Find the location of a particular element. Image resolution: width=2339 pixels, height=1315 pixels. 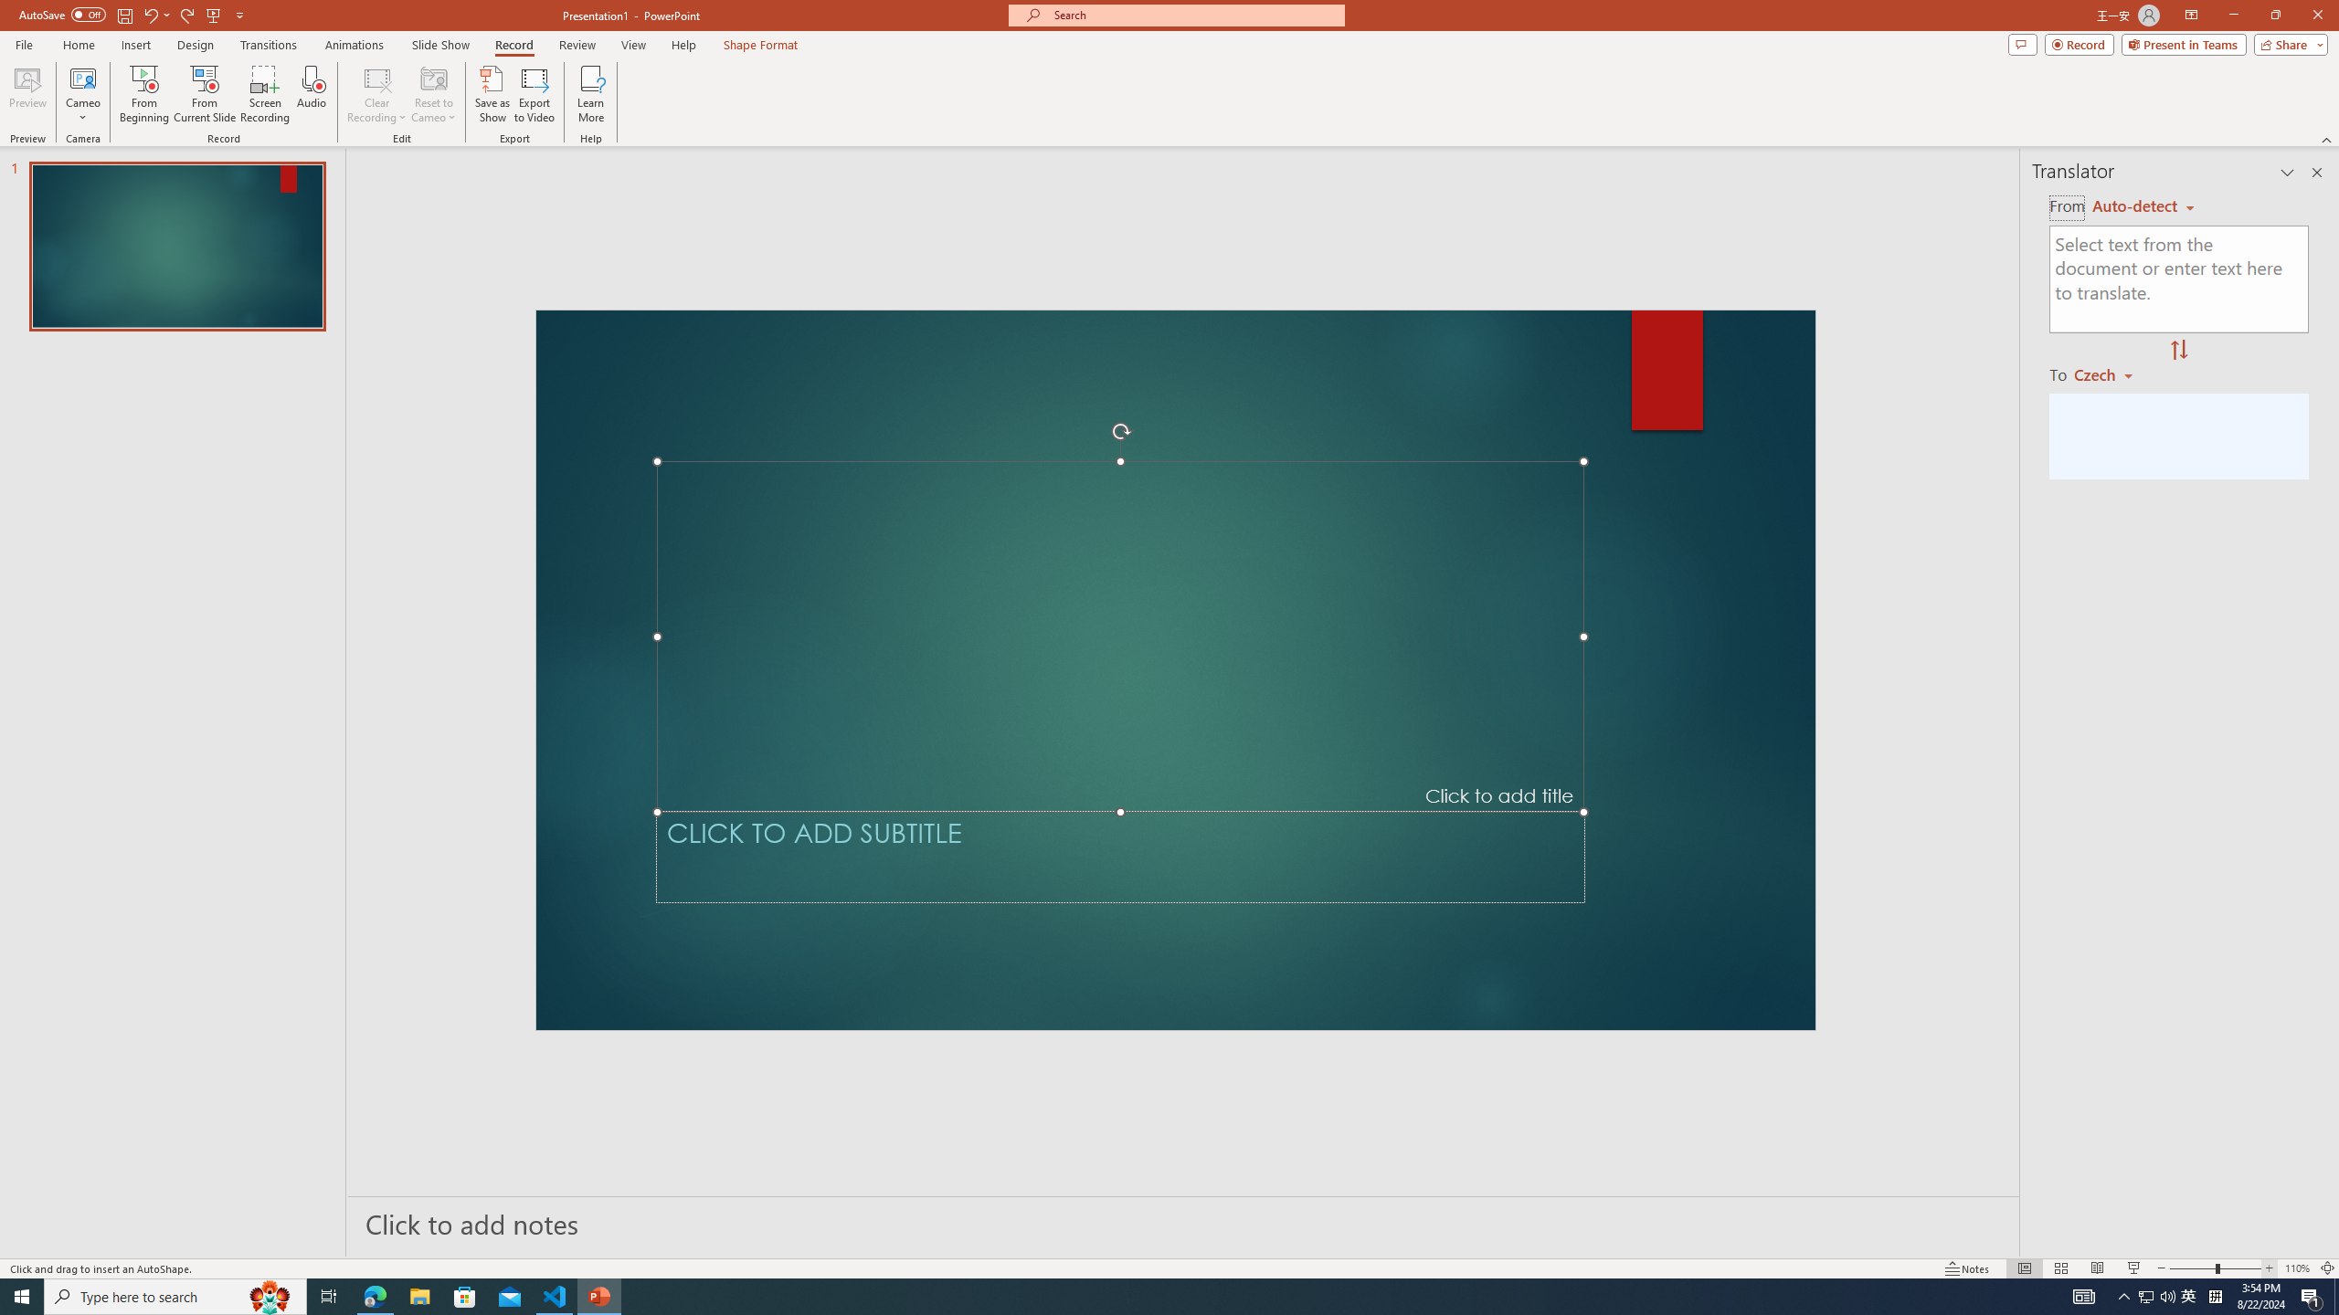

'Czech' is located at coordinates (2111, 373).